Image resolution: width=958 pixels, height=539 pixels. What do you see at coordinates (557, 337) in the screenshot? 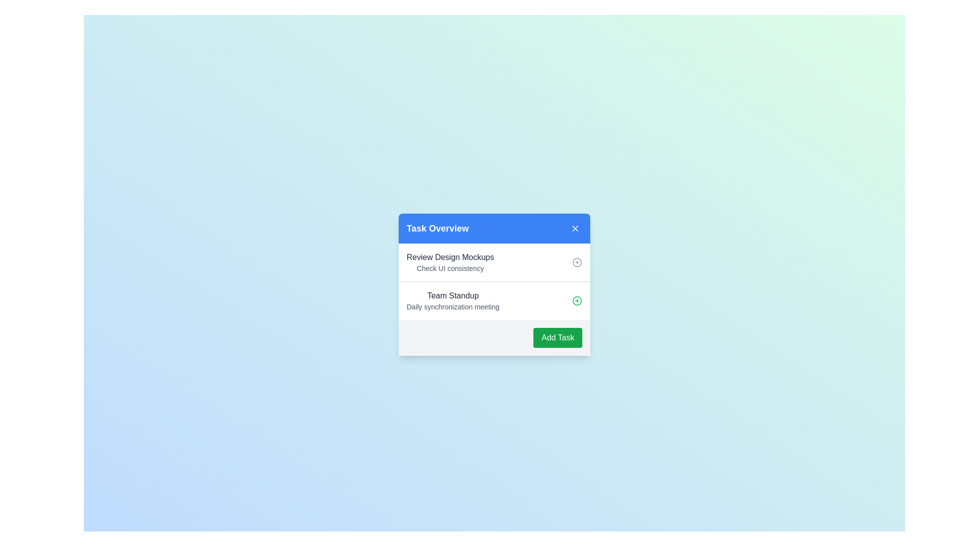
I see `the 'Add Task' button` at bounding box center [557, 337].